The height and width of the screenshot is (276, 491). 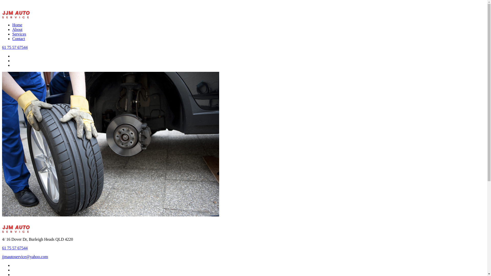 What do you see at coordinates (12, 29) in the screenshot?
I see `'About'` at bounding box center [12, 29].